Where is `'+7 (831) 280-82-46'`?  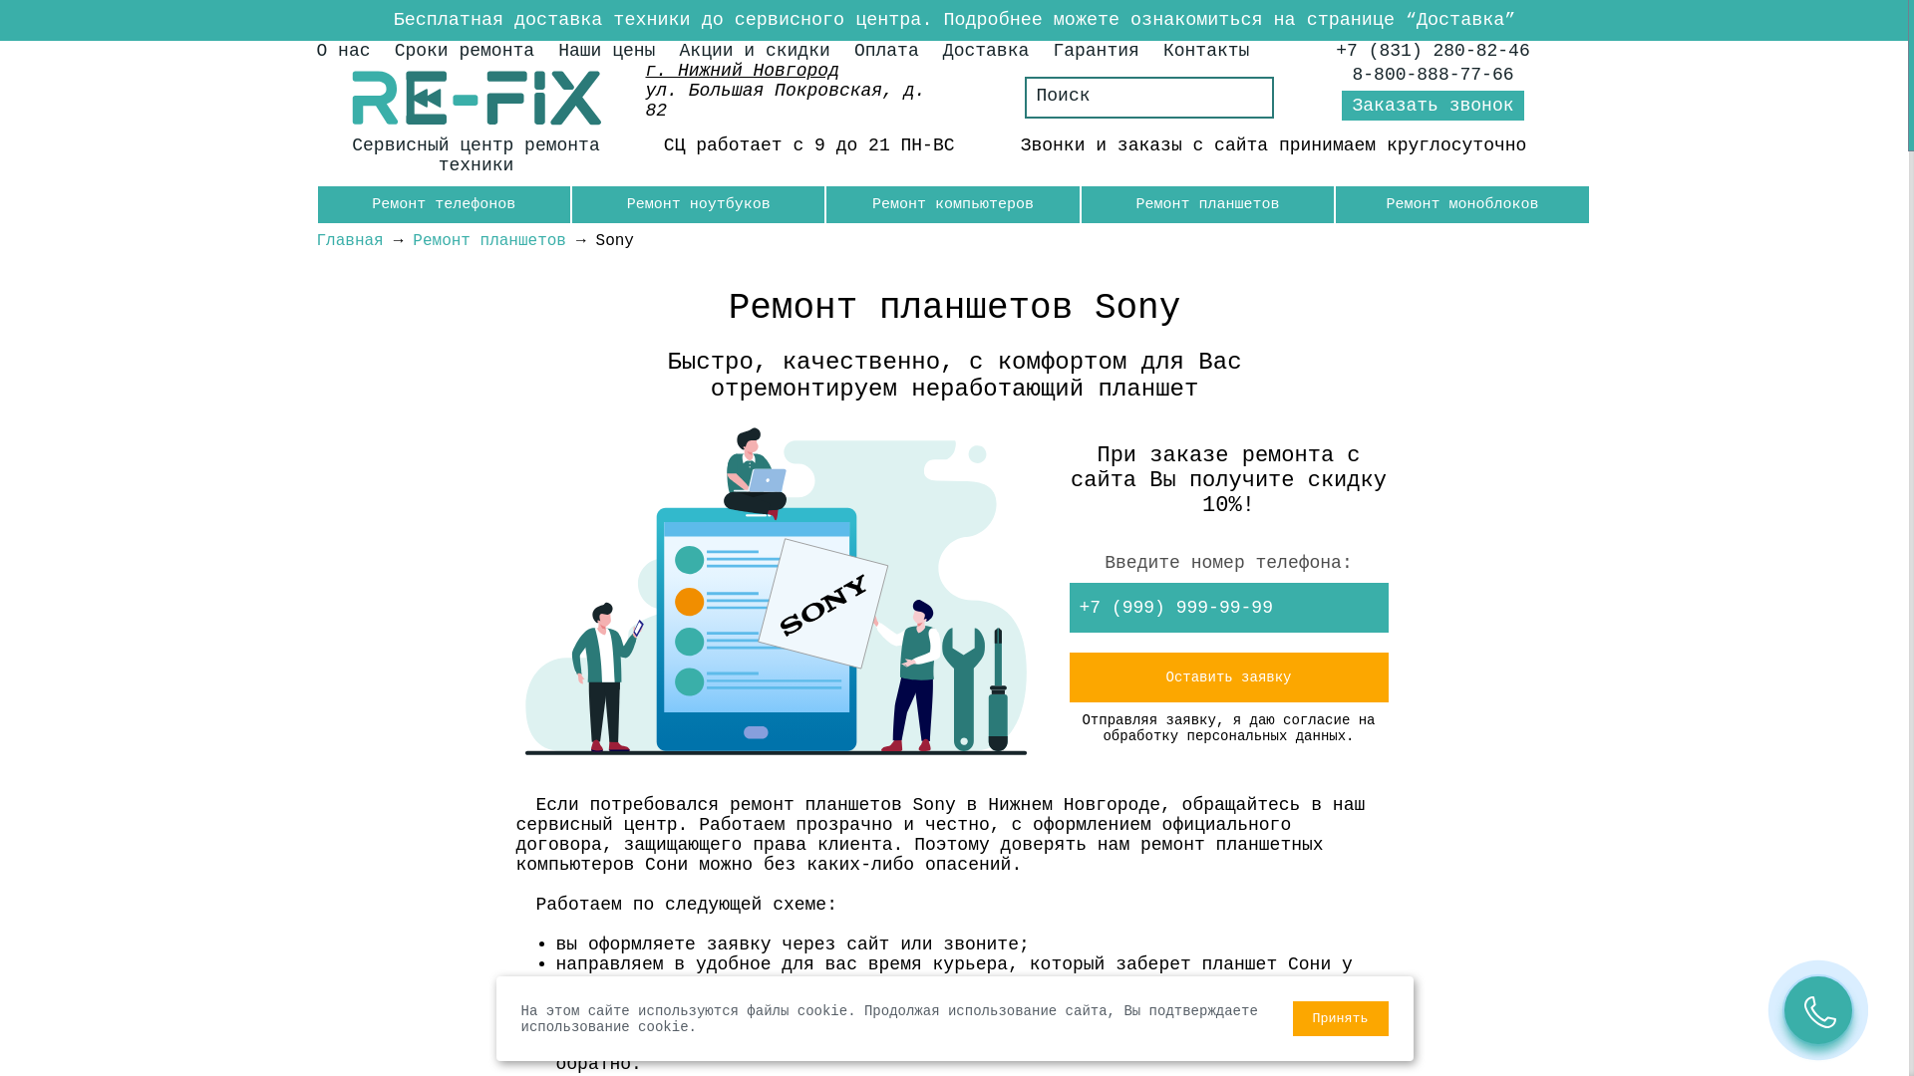 '+7 (831) 280-82-46' is located at coordinates (1431, 49).